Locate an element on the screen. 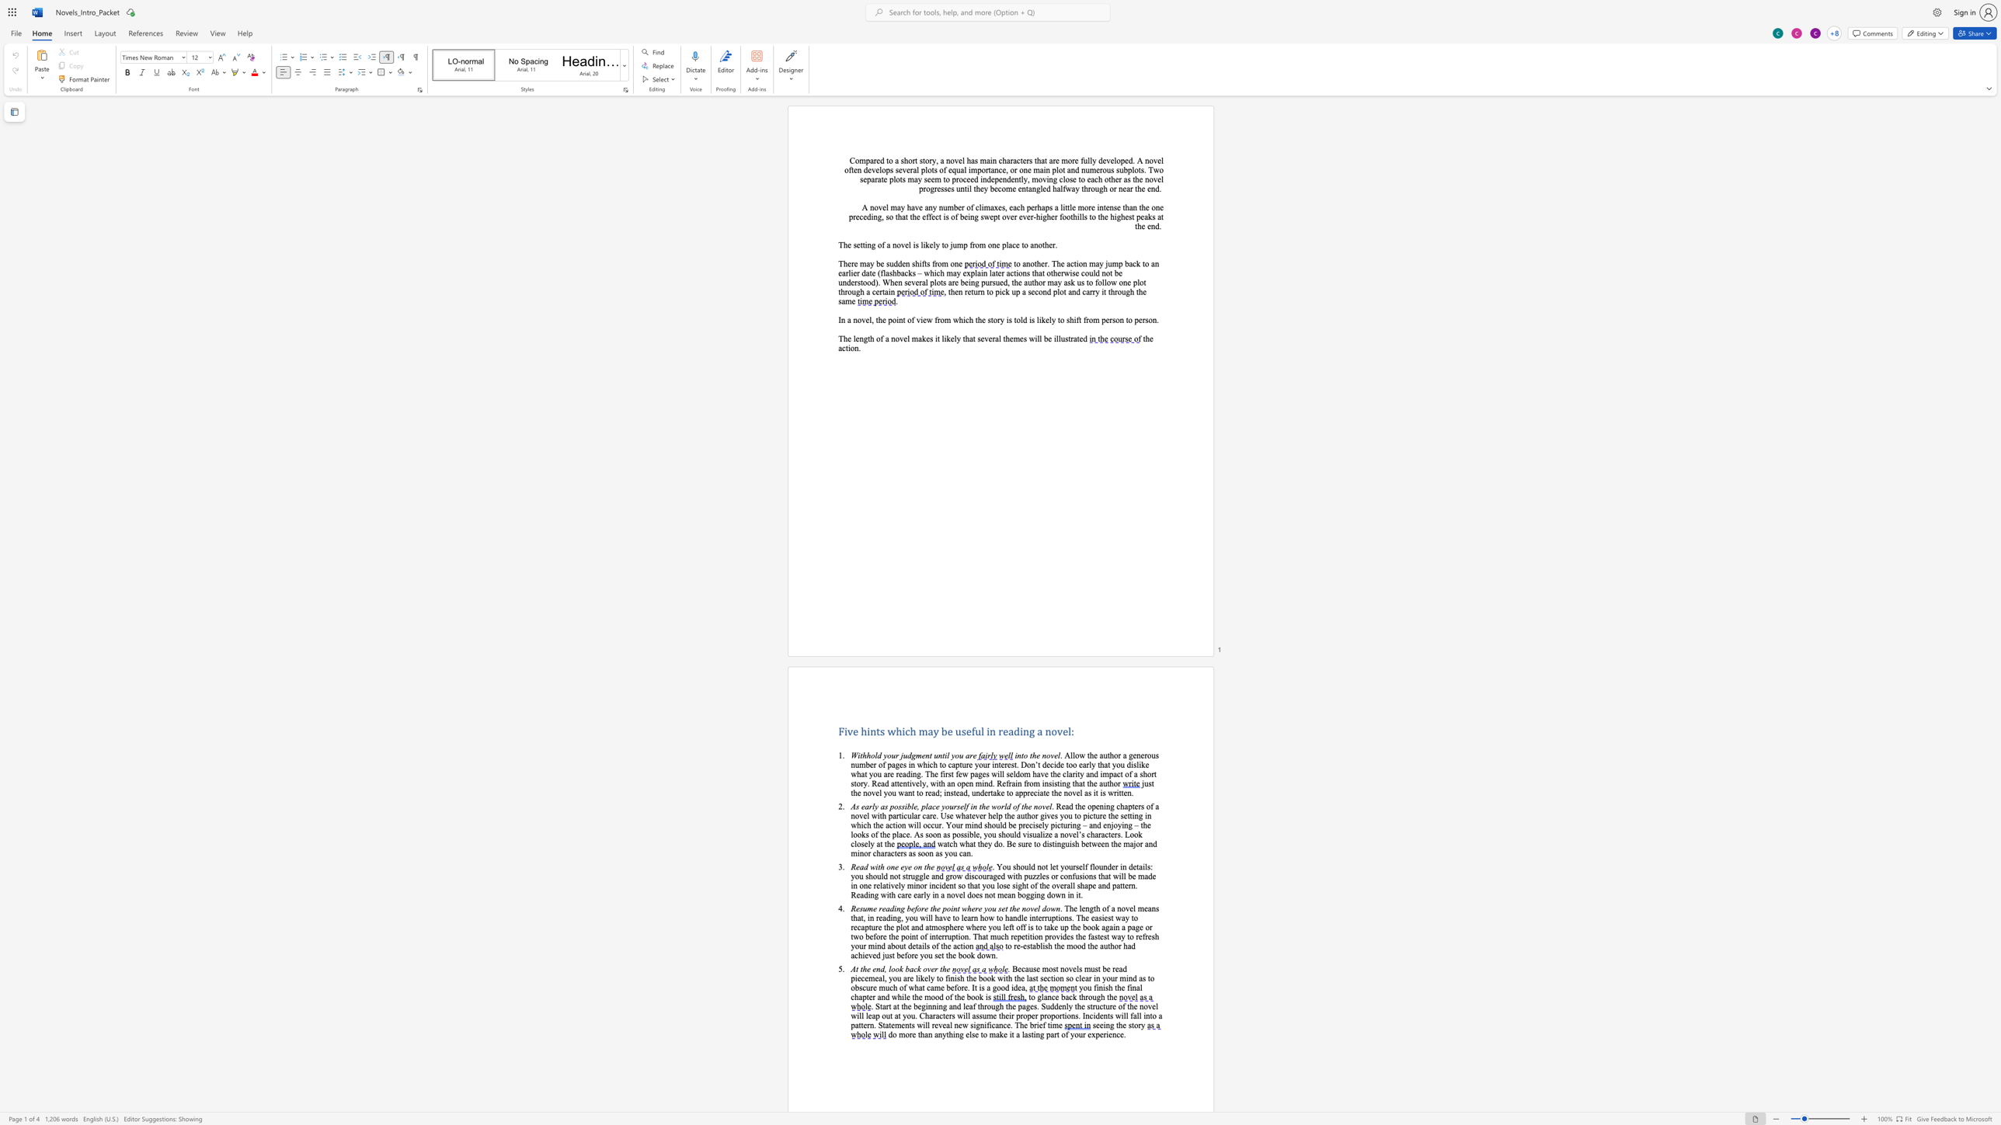 The image size is (2001, 1125). the space between the continuous character "l" and "l" in the text is located at coordinates (1072, 755).